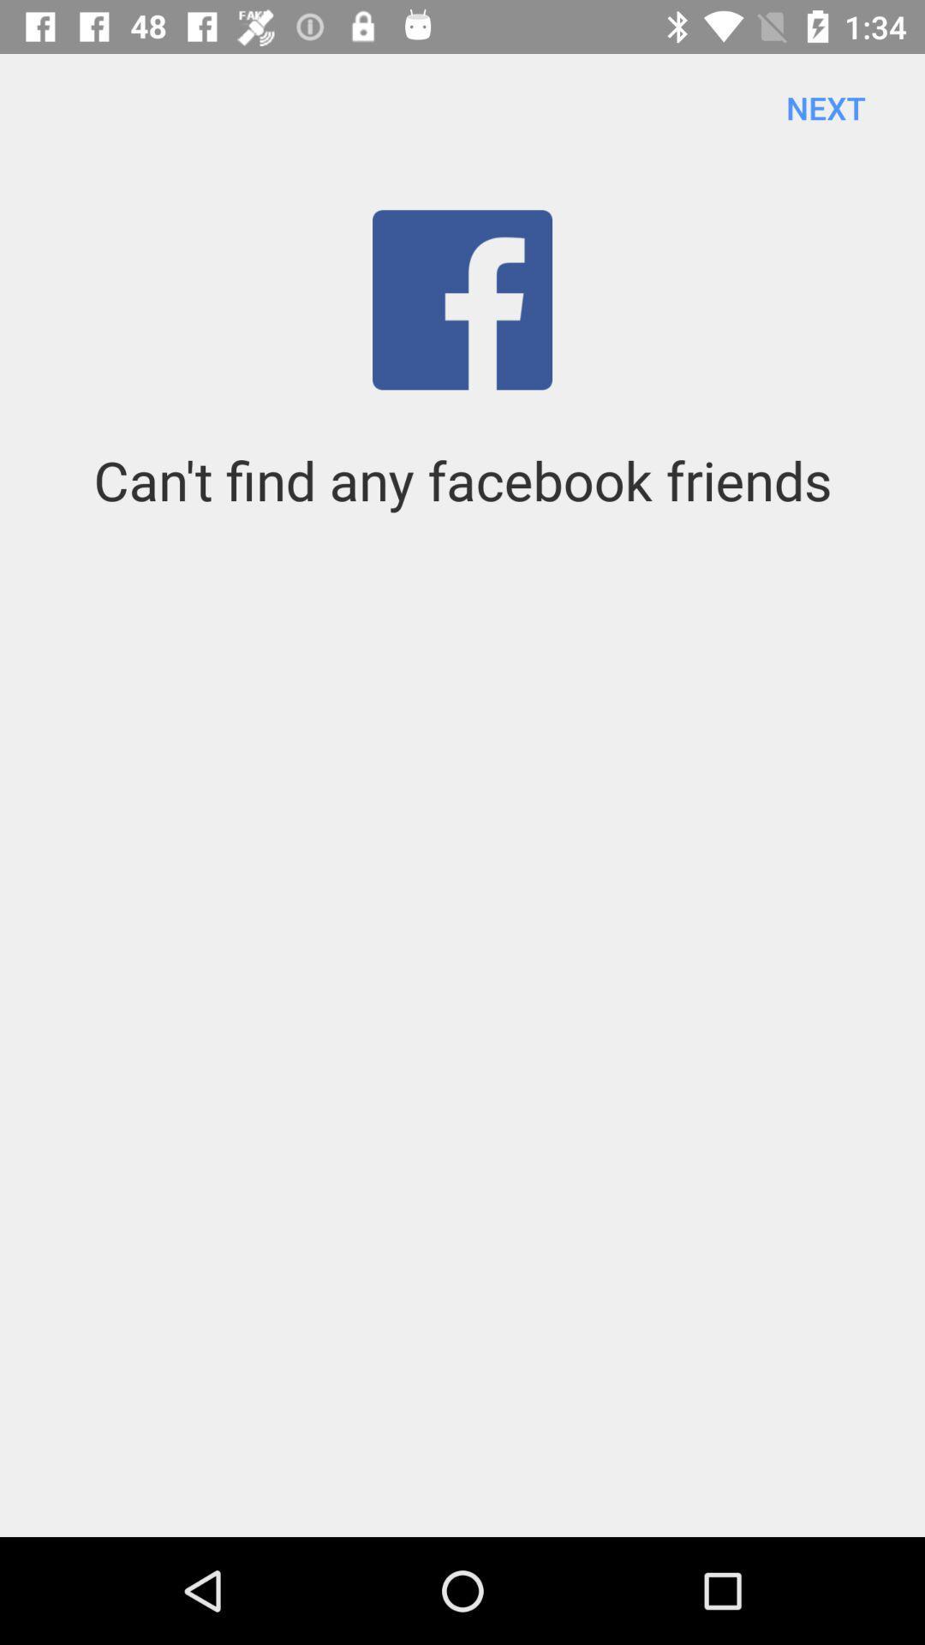 Image resolution: width=925 pixels, height=1645 pixels. Describe the element at coordinates (825, 106) in the screenshot. I see `next icon` at that location.